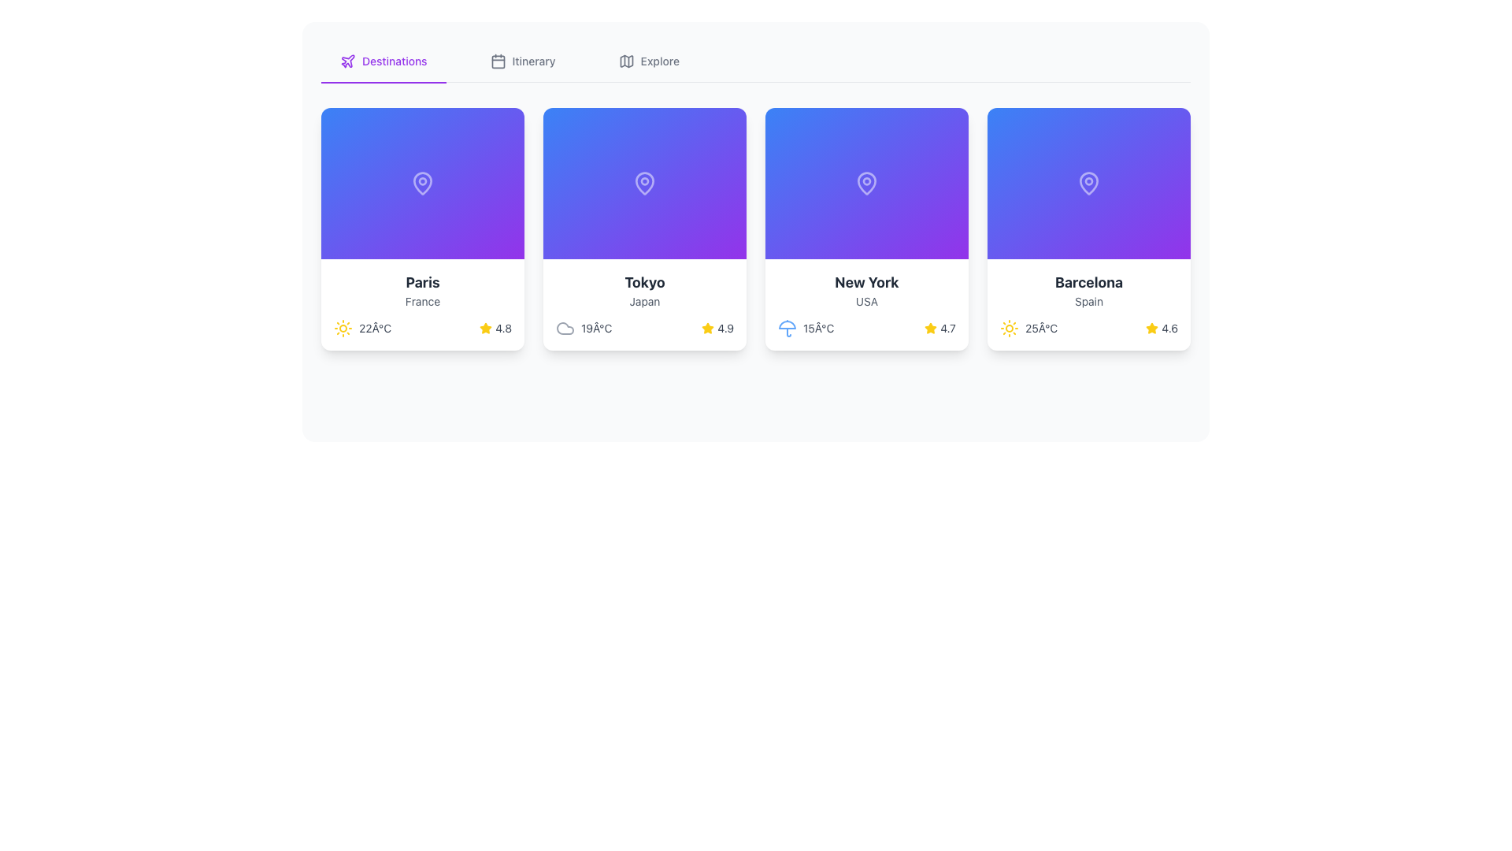  I want to click on the plane icon within the 'Destinations' navigation item for accessibility purposes, so click(346, 60).